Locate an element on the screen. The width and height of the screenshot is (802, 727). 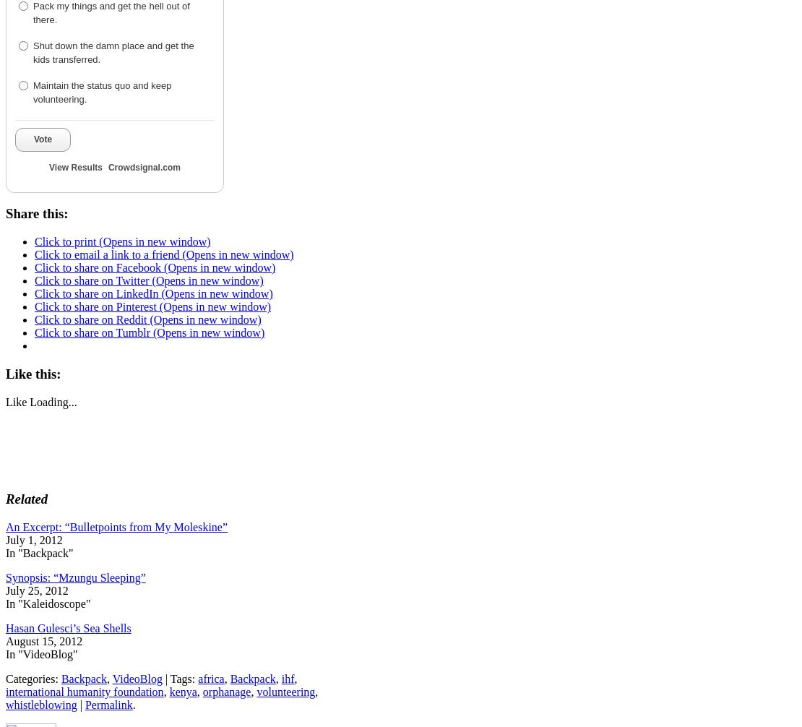
'July 1, 2012' is located at coordinates (5, 539).